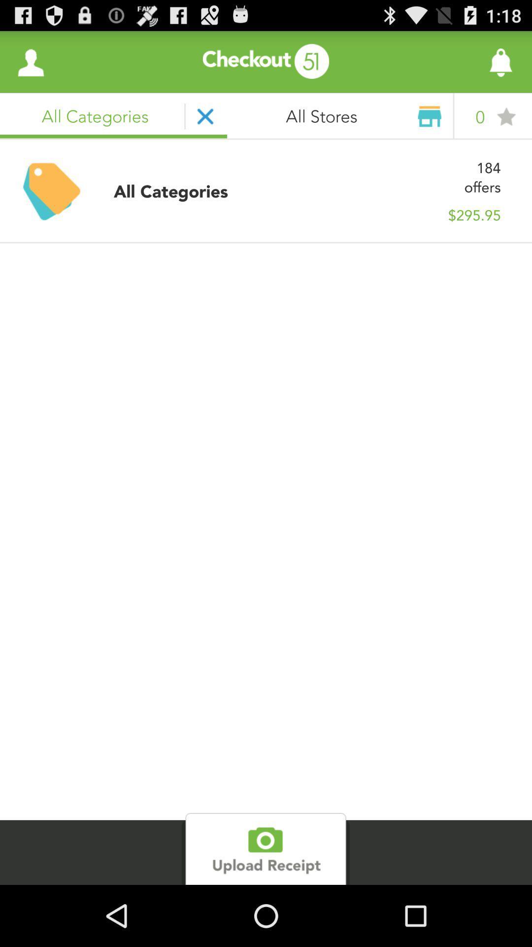  I want to click on item above the all categories, so click(30, 61).